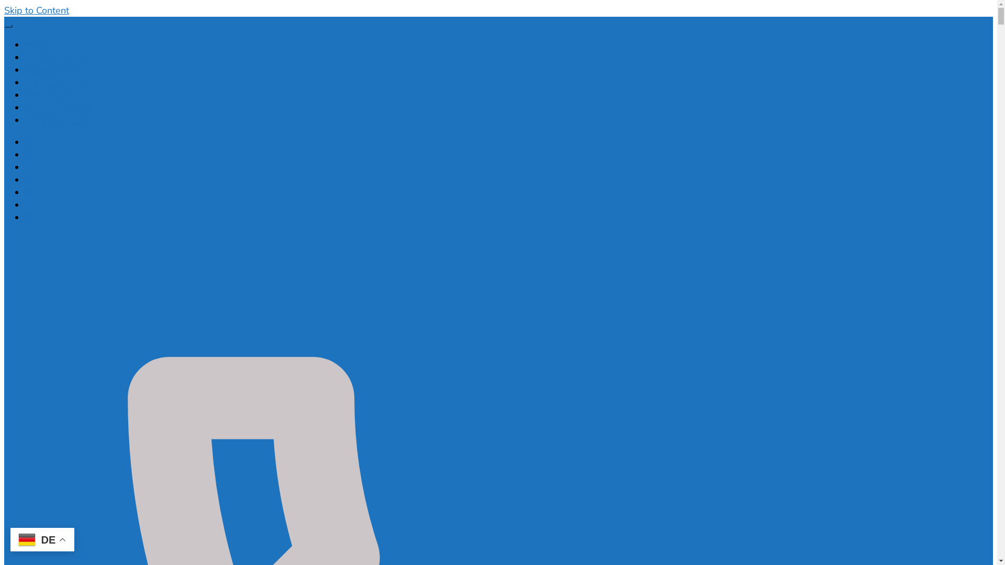 This screenshot has width=1005, height=565. What do you see at coordinates (25, 58) in the screenshot?
I see `'Termin Buchen'` at bounding box center [25, 58].